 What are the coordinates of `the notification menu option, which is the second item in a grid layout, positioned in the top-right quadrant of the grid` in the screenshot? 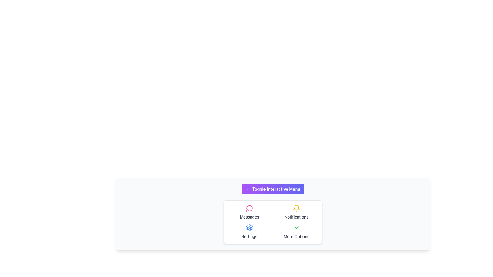 It's located at (296, 212).